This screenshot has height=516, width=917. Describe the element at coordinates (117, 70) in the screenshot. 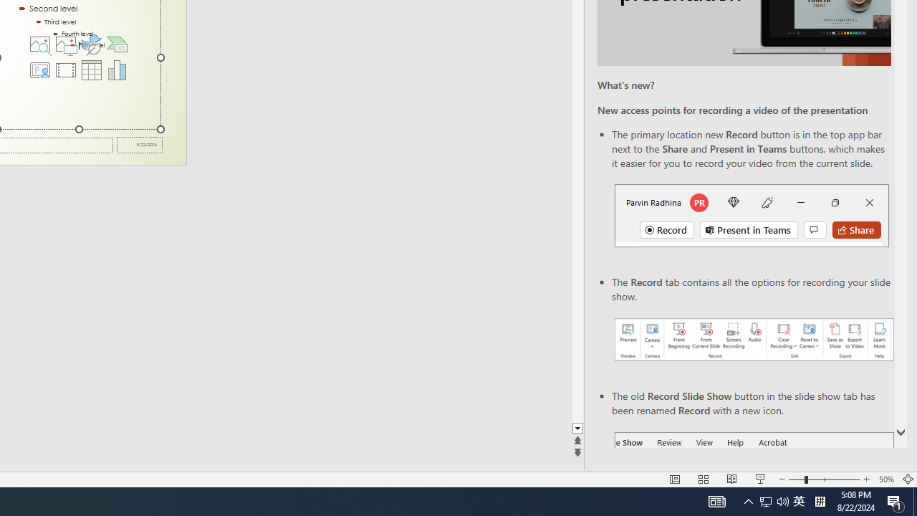

I see `'Insert Chart'` at that location.